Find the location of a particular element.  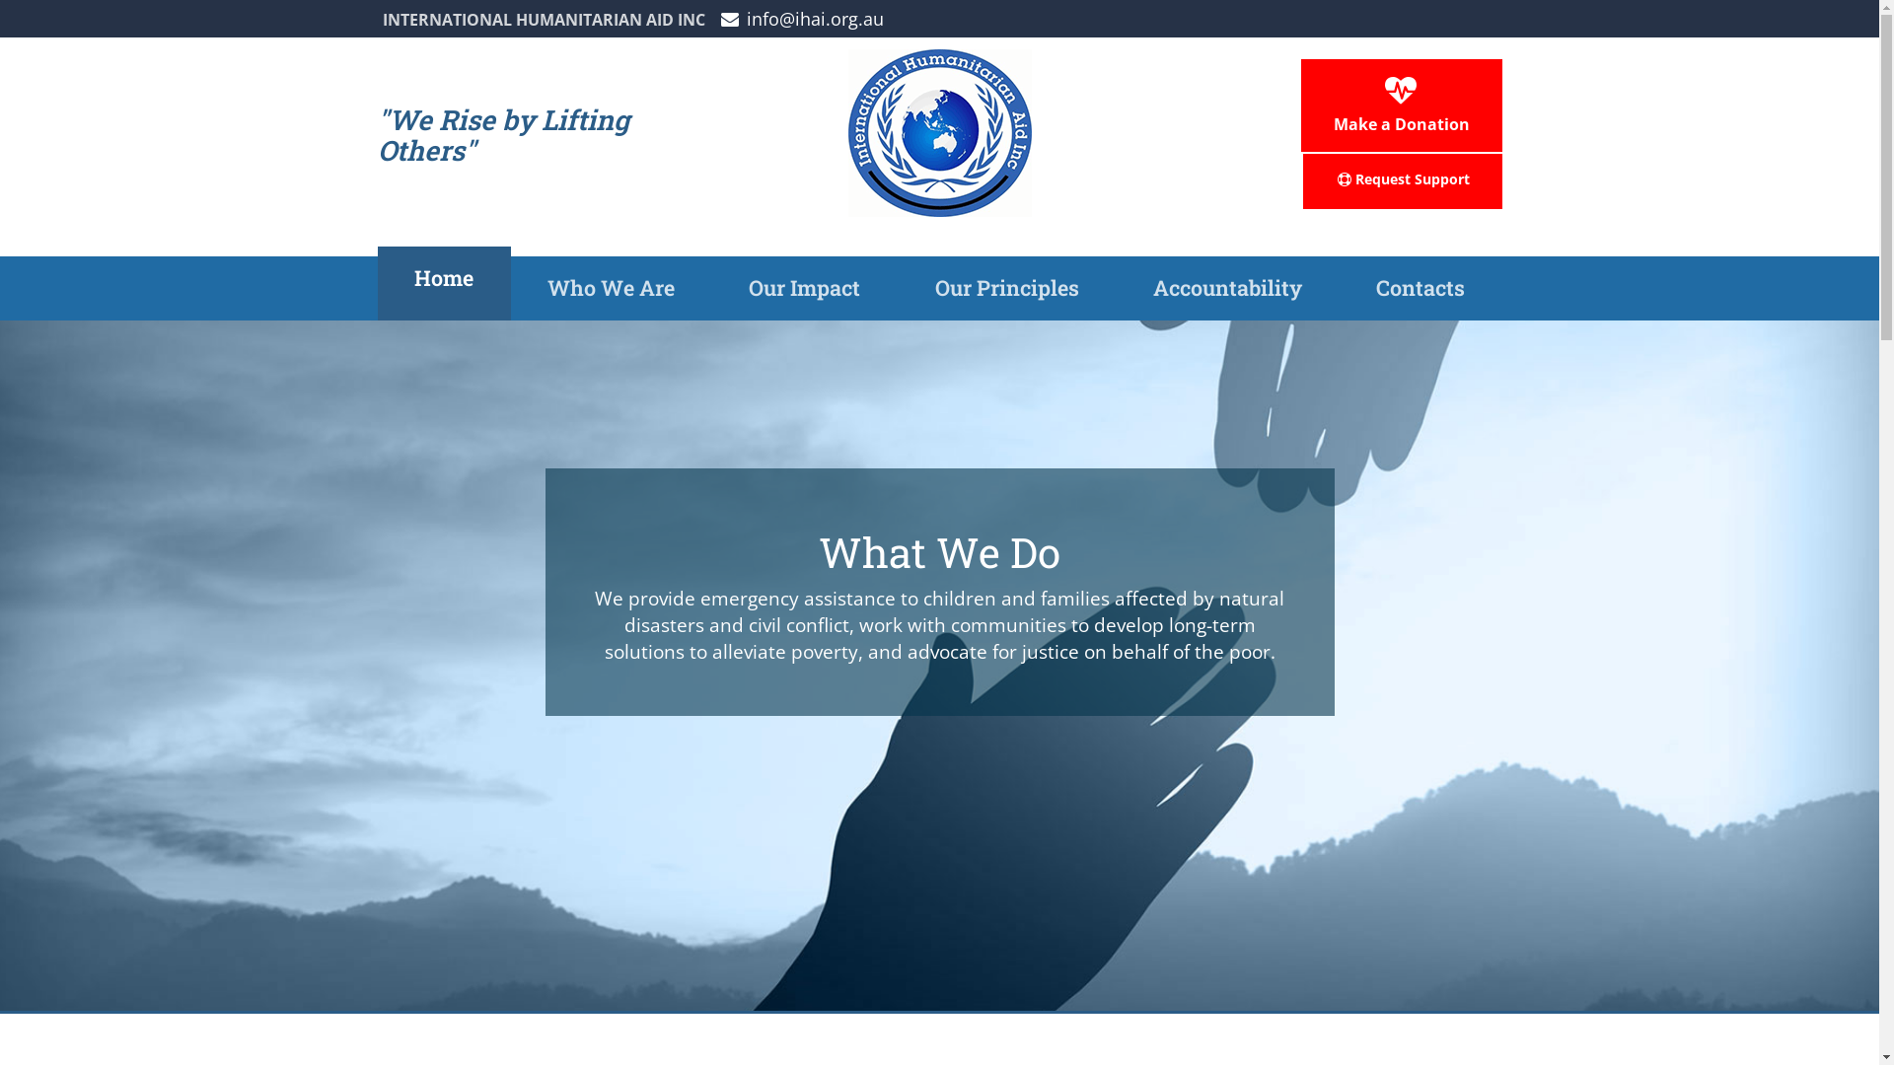

'Donations' is located at coordinates (19, 521).